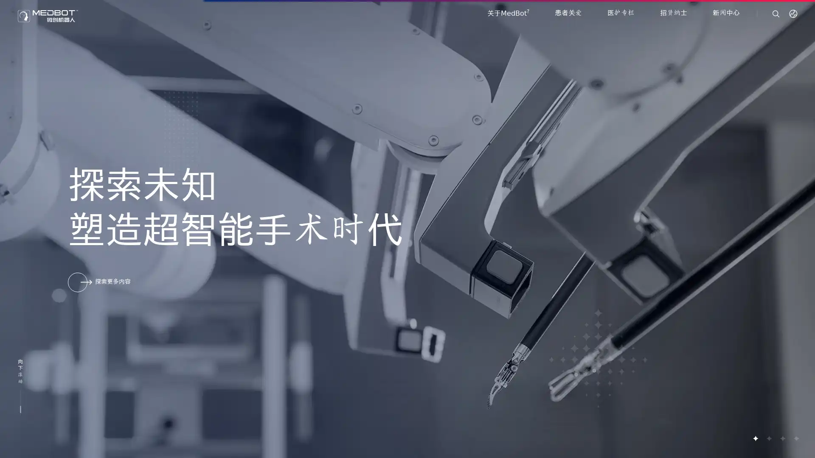  I want to click on Go to slide 1, so click(755, 438).